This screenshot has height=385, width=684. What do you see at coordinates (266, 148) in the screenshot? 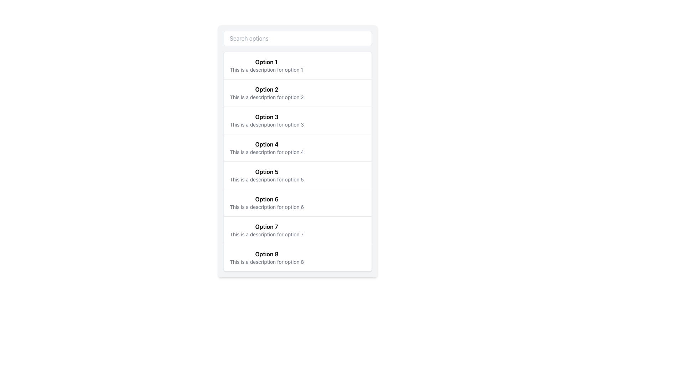
I see `the list item labeled 'Option 4'` at bounding box center [266, 148].